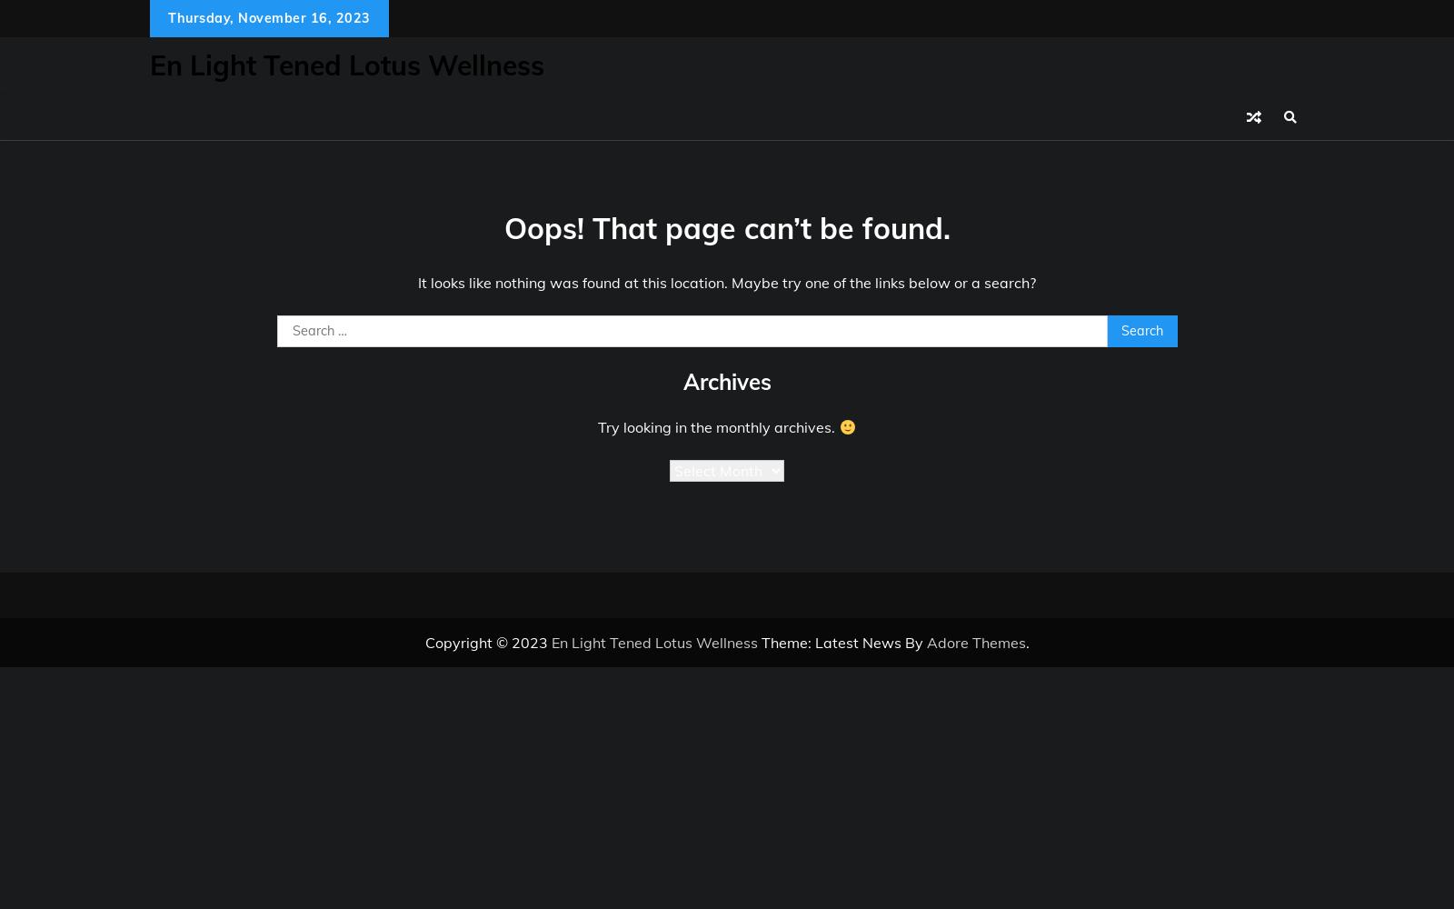 Image resolution: width=1454 pixels, height=909 pixels. I want to click on 'Archives', so click(726, 382).